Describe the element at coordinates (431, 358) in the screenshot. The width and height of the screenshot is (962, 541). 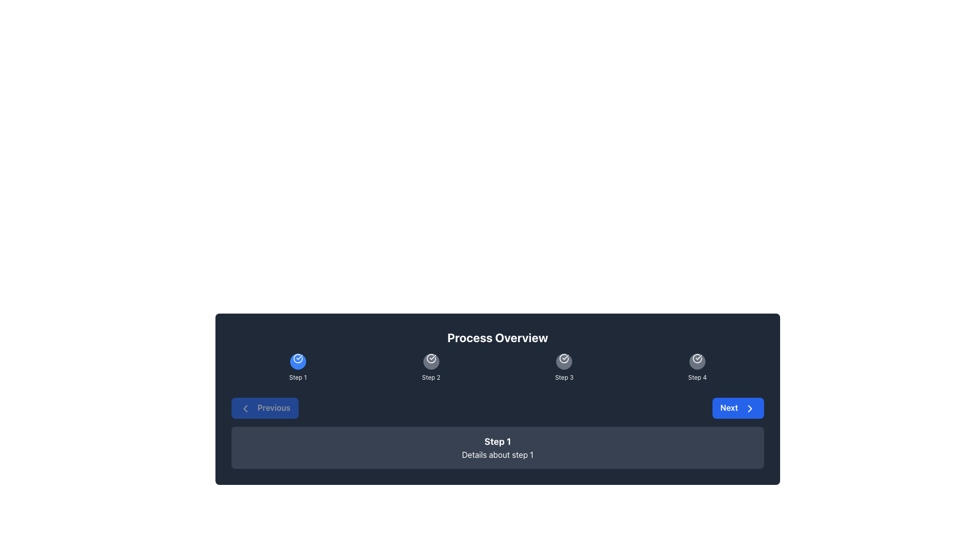
I see `the second step icon in the process overview` at that location.